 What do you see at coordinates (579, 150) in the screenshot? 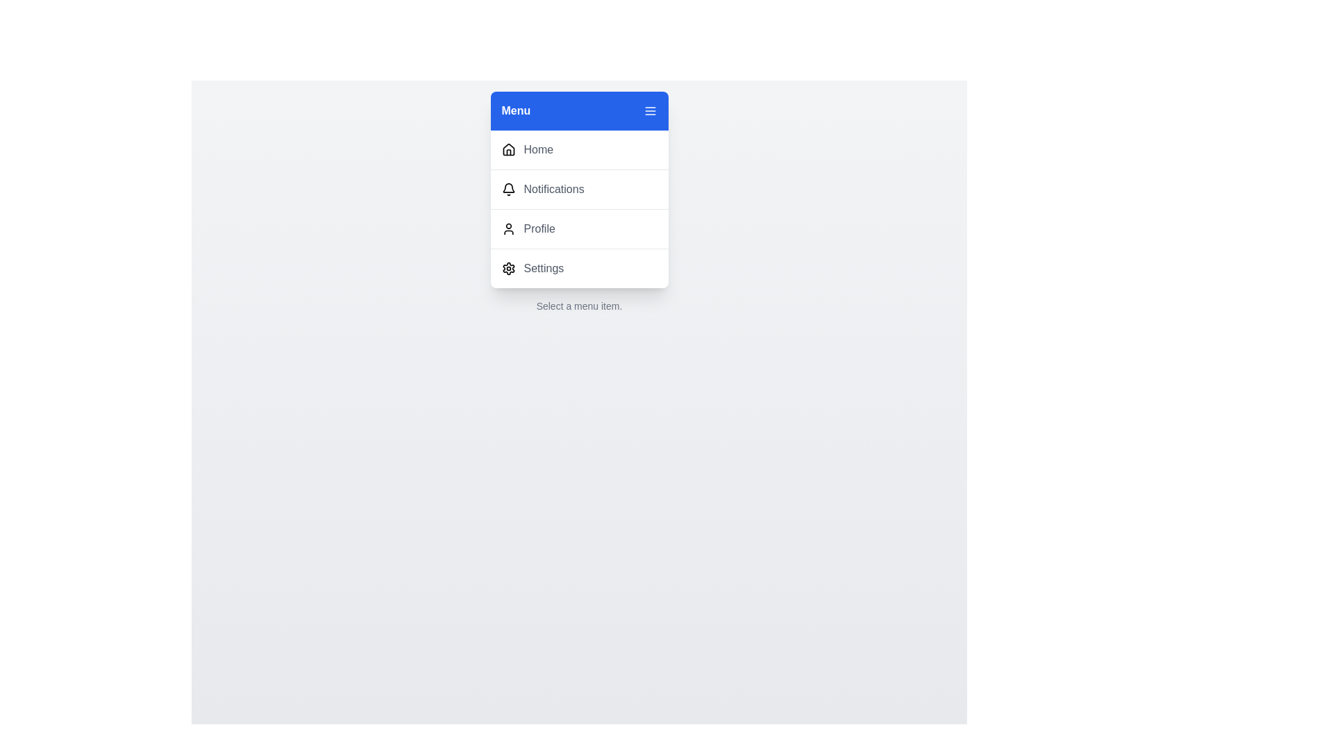
I see `the menu item labeled Home to observe its hover effect` at bounding box center [579, 150].